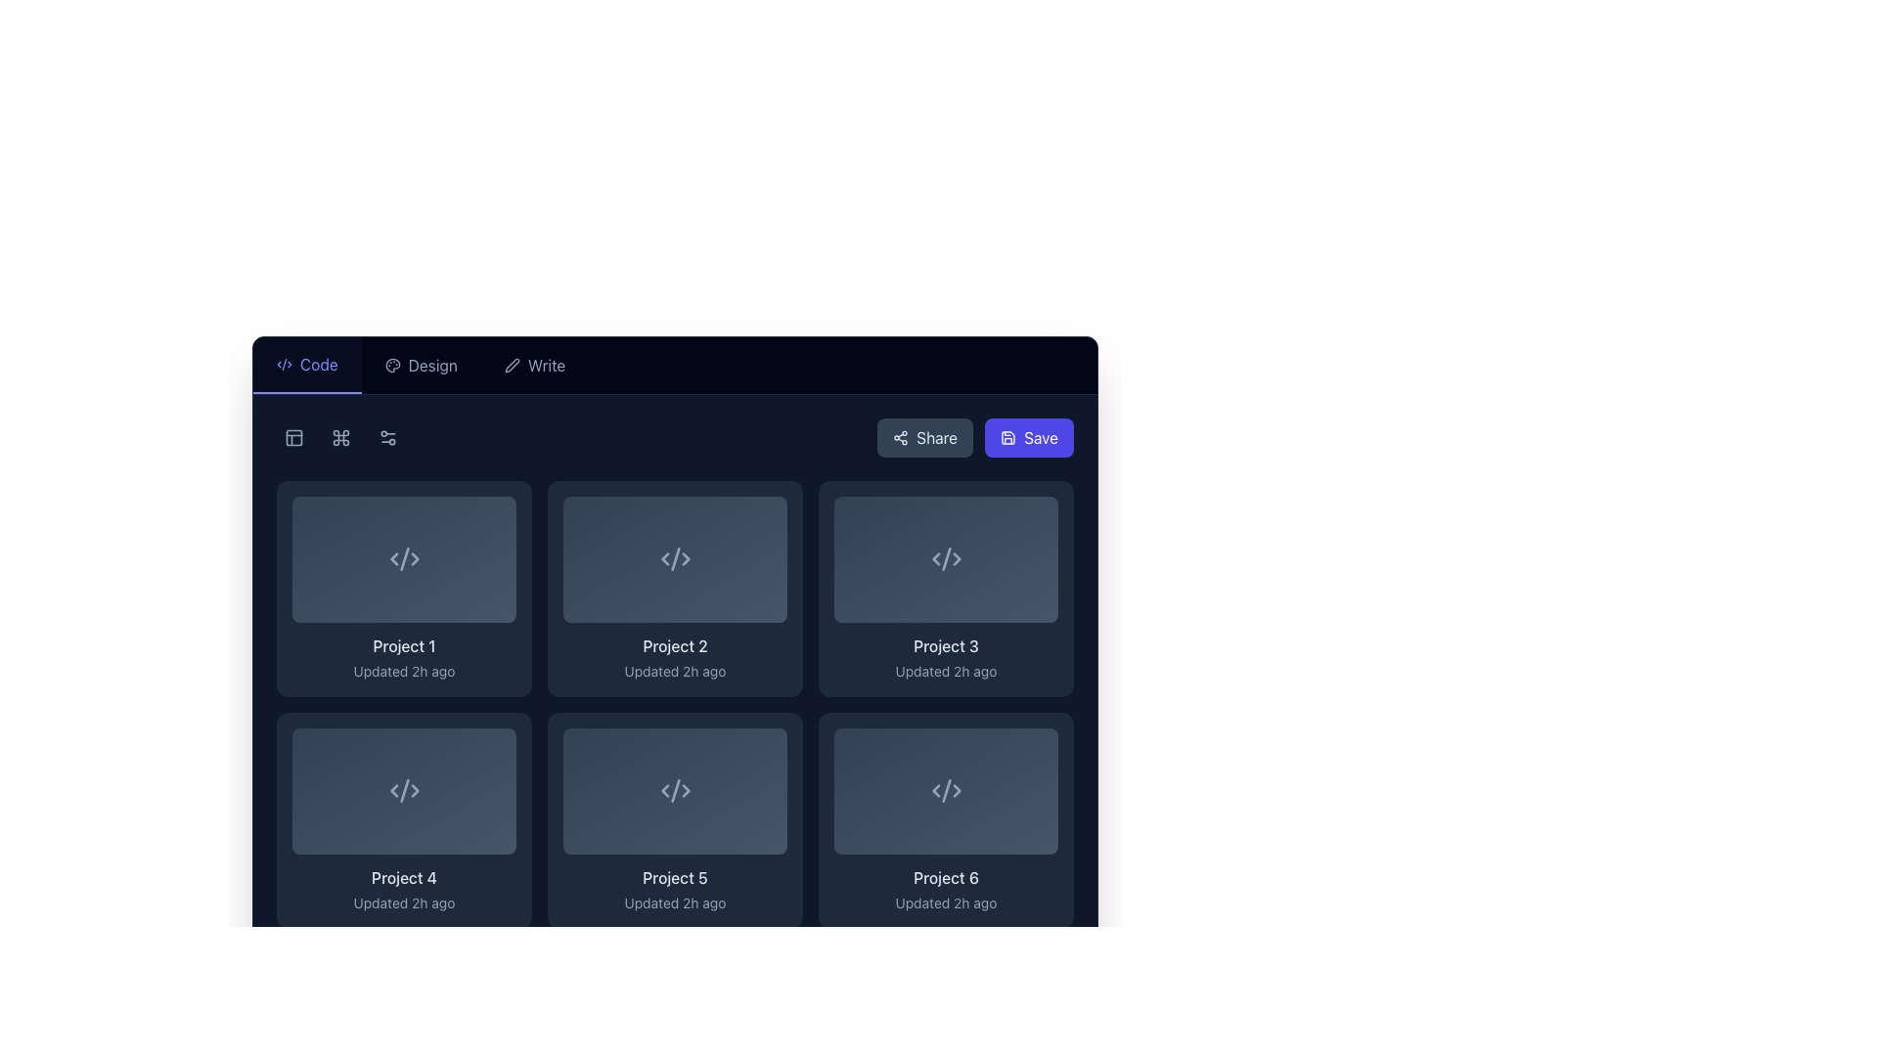 The height and width of the screenshot is (1056, 1878). Describe the element at coordinates (675, 559) in the screenshot. I see `the code-related icon located within the second card of the first row in the grid layout` at that location.